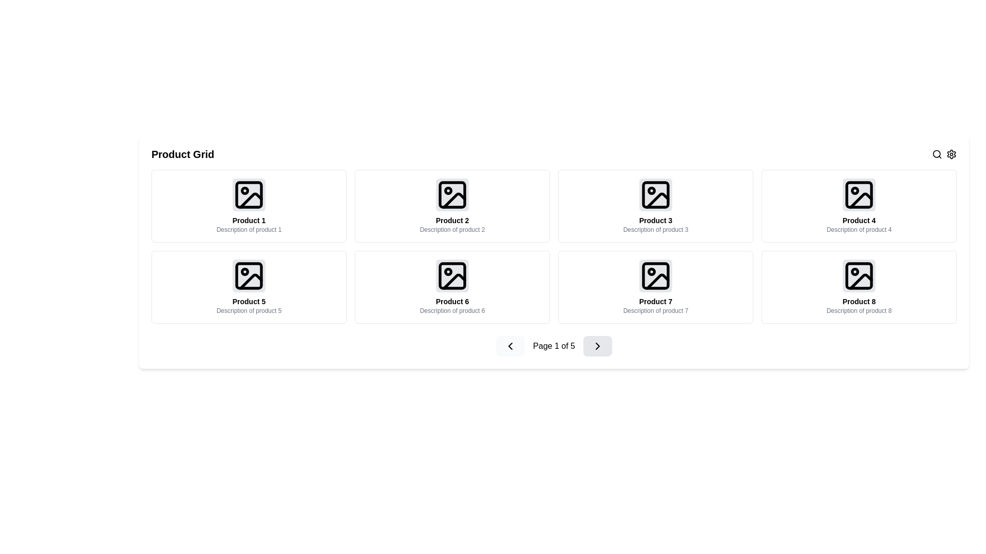  I want to click on the text display stating 'Description of product 3' located below the title 'Product 3' in the product card, so click(655, 229).